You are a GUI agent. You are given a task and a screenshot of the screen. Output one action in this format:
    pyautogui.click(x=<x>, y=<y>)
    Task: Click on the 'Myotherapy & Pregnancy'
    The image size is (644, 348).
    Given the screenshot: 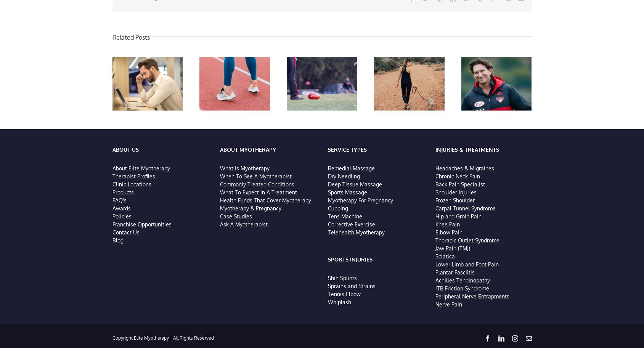 What is the action you would take?
    pyautogui.click(x=250, y=209)
    